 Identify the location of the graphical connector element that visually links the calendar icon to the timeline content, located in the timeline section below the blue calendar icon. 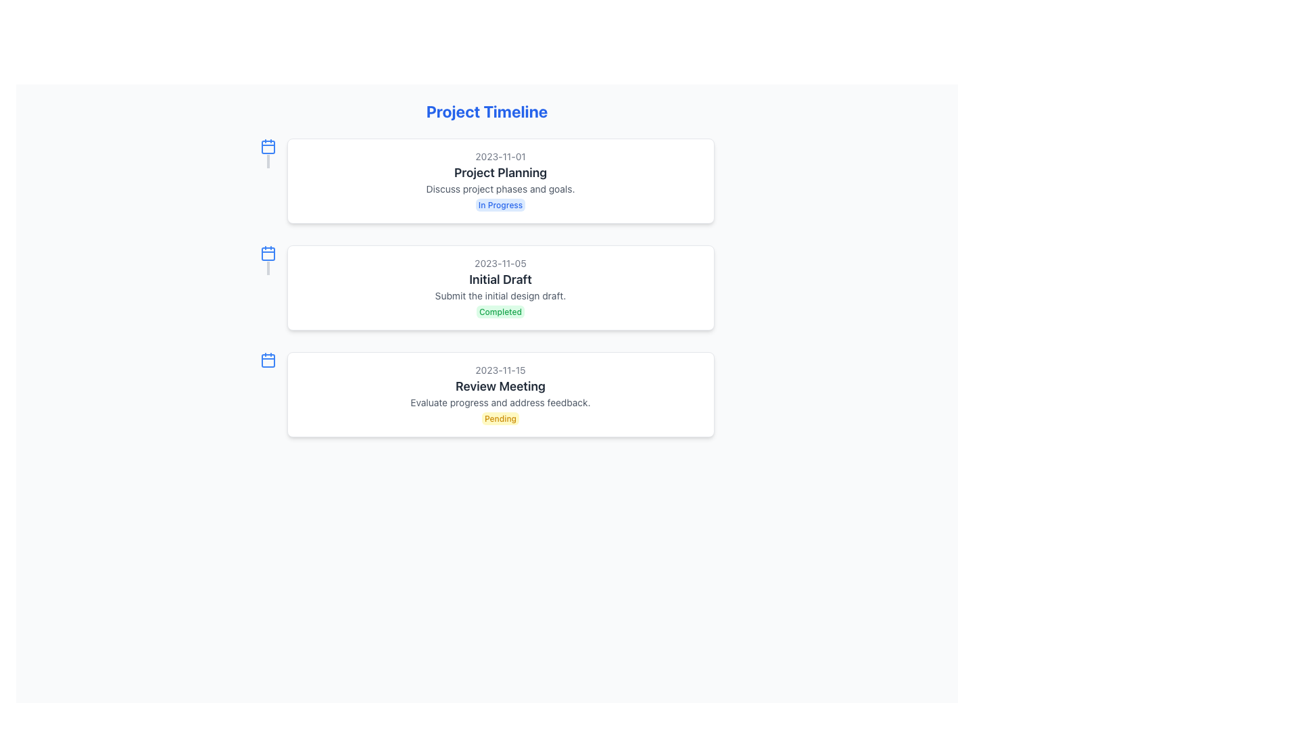
(268, 161).